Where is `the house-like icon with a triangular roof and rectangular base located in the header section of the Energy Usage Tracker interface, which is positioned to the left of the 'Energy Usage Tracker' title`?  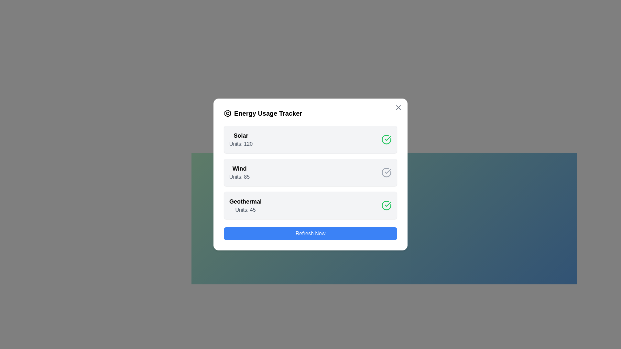
the house-like icon with a triangular roof and rectangular base located in the header section of the Energy Usage Tracker interface, which is positioned to the left of the 'Energy Usage Tracker' title is located at coordinates (228, 113).